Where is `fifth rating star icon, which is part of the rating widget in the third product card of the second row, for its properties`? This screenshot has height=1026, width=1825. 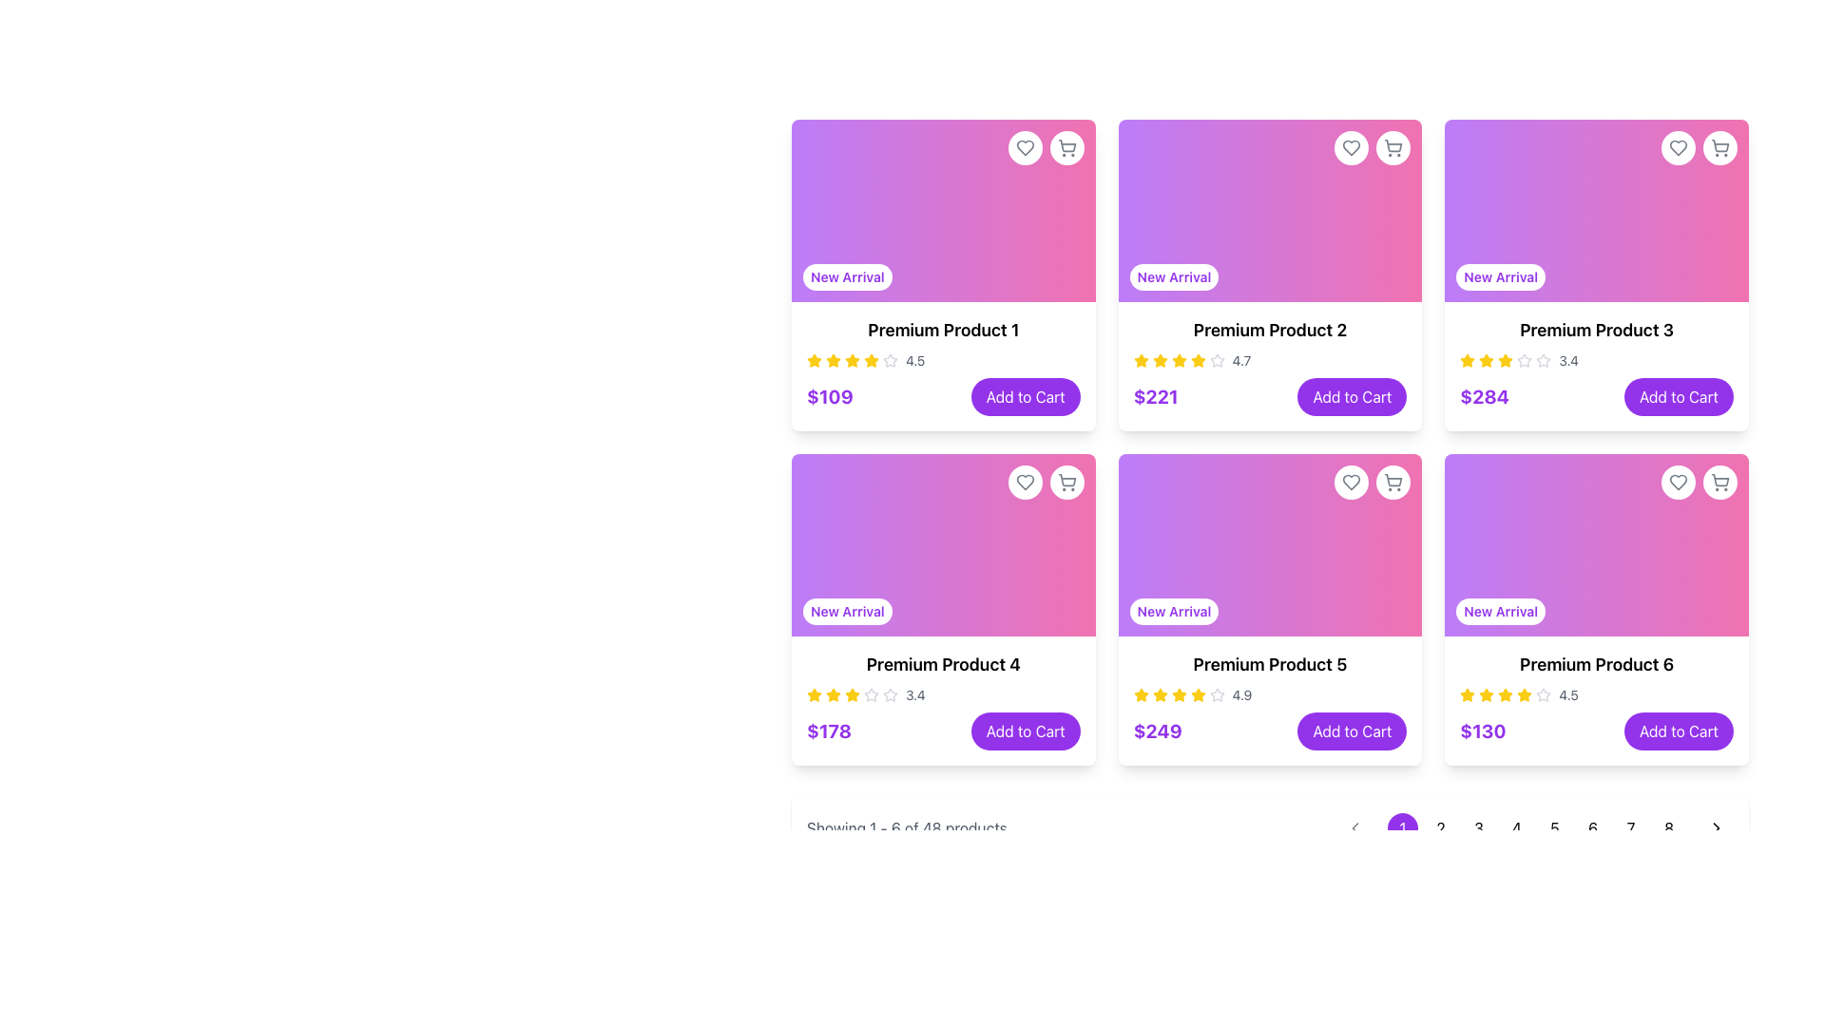 fifth rating star icon, which is part of the rating widget in the third product card of the second row, for its properties is located at coordinates (1525, 361).